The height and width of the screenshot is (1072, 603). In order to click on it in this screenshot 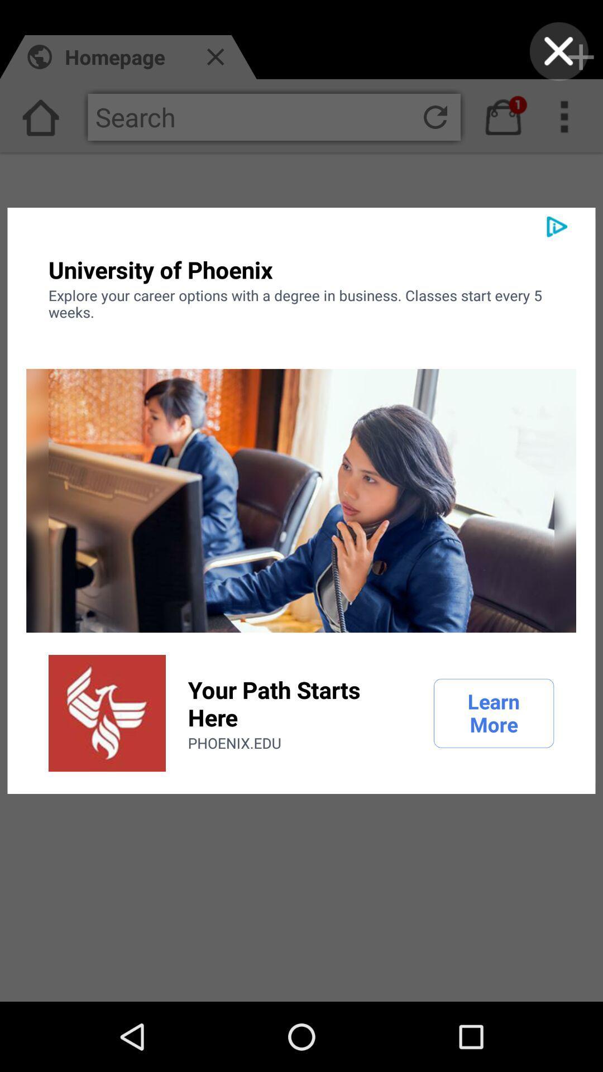, I will do `click(559, 51)`.